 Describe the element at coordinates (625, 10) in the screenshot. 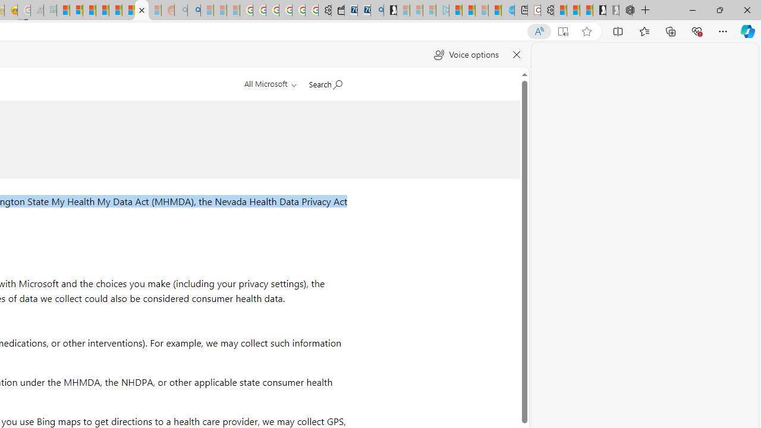

I see `'Nordace - Nordace Siena Is Not An Ordinary Backpack'` at that location.